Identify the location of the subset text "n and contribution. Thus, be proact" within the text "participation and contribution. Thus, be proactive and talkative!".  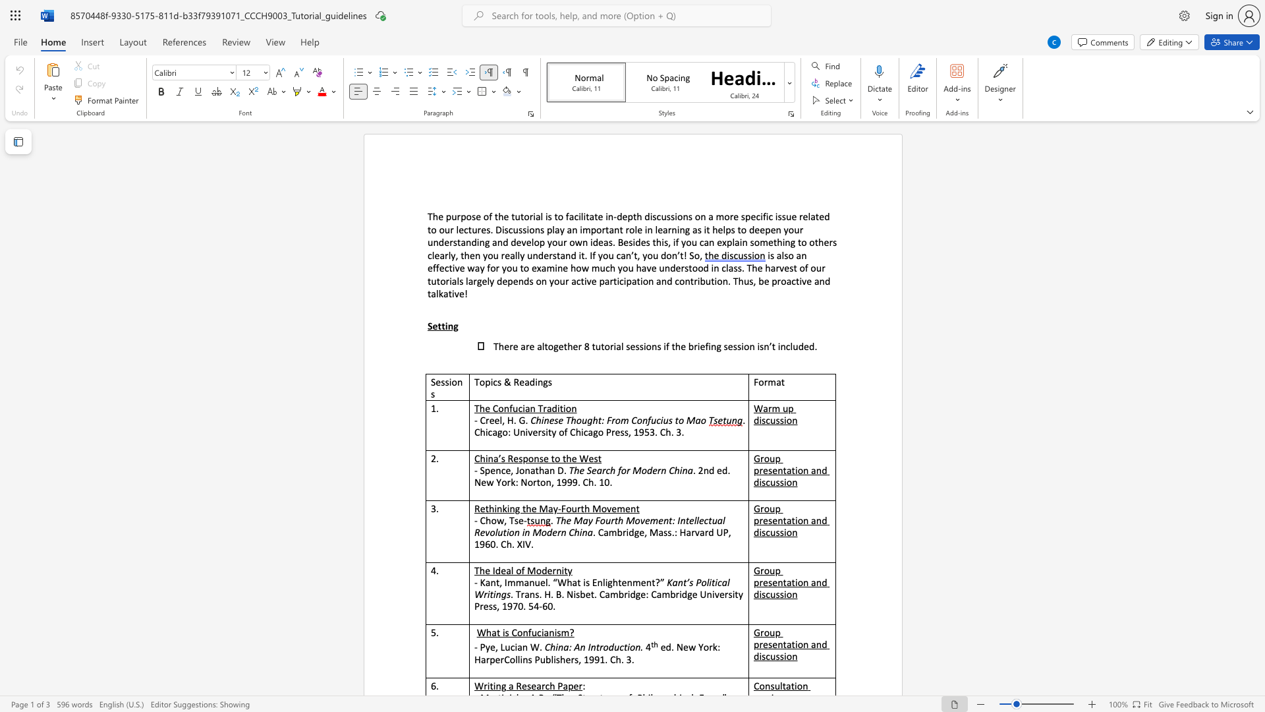
(648, 280).